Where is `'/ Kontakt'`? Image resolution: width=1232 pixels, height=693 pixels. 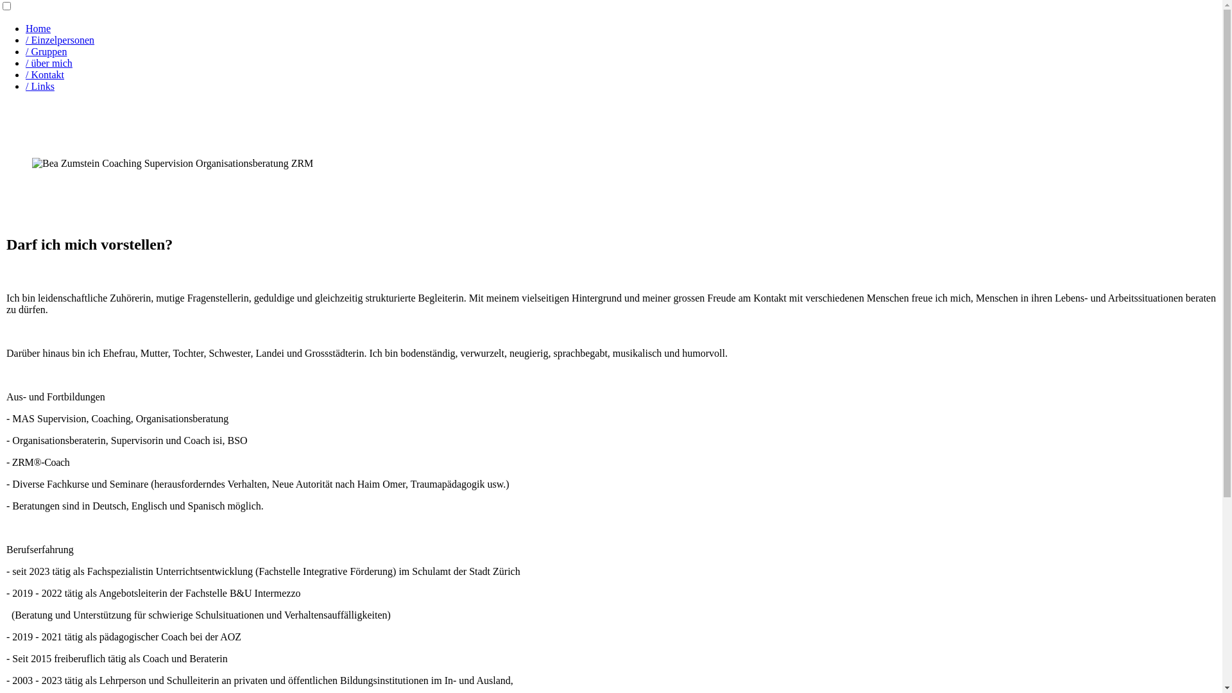
'/ Kontakt' is located at coordinates (45, 74).